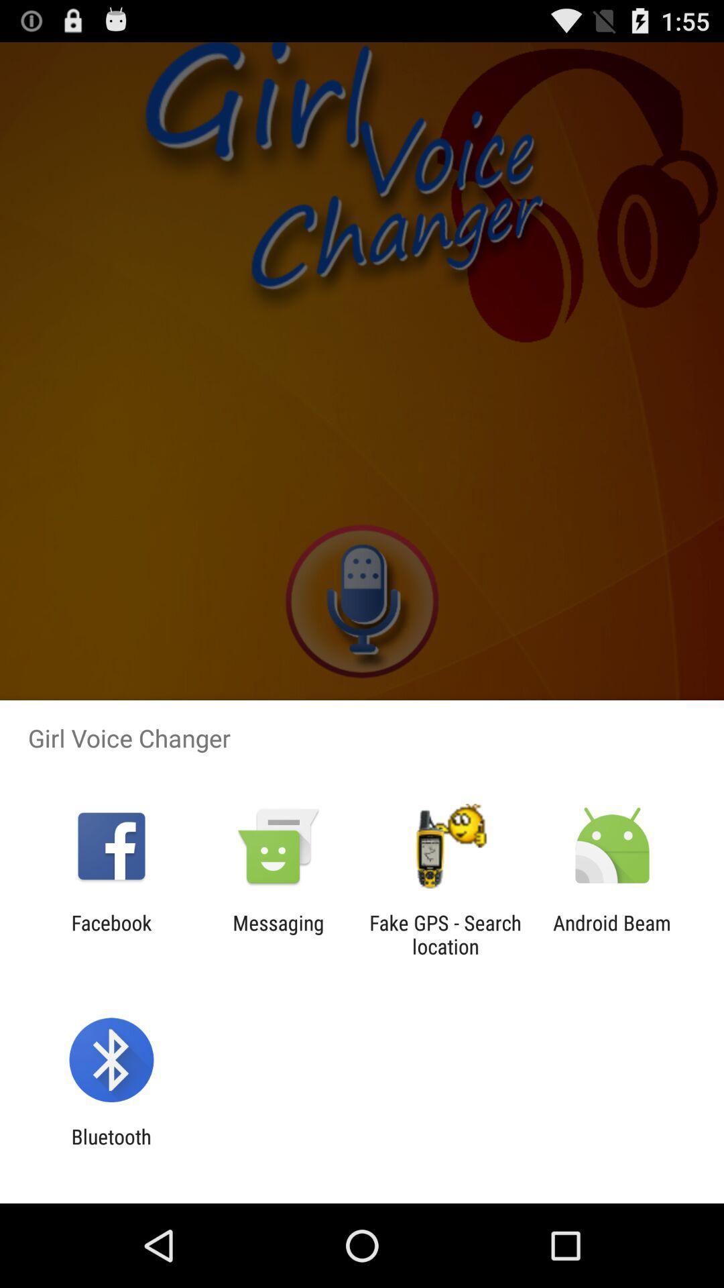  I want to click on item next to the fake gps search, so click(278, 934).